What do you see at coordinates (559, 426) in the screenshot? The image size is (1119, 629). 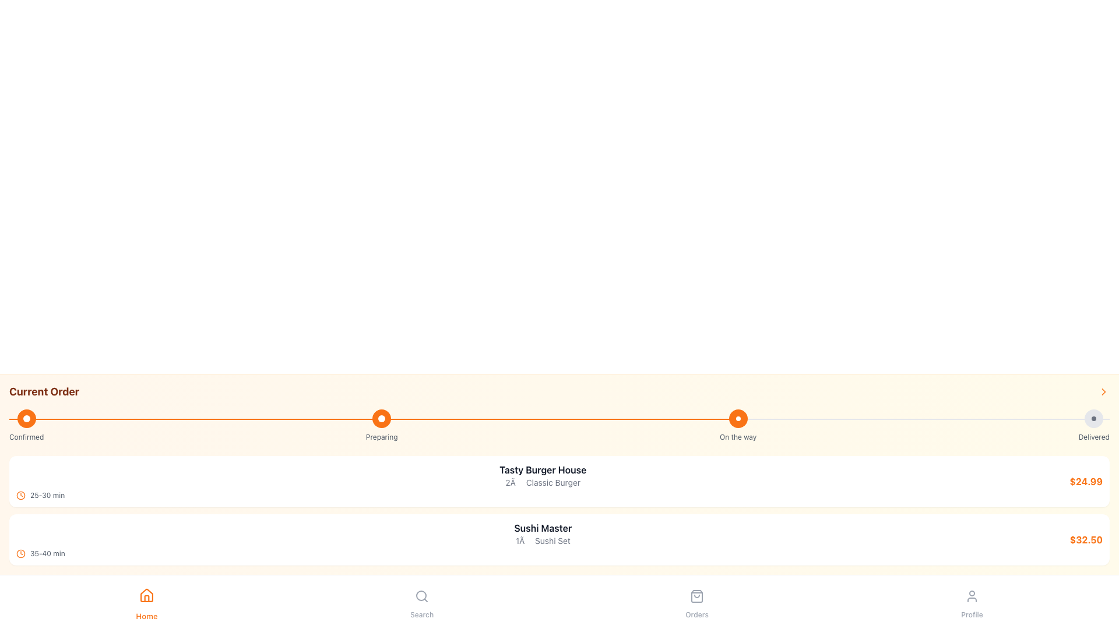 I see `the status changes visually on the horizontal progress indicator labeled 'Current Order', which shows stages: 'Confirmed', 'Preparing', 'On the way', and 'Delivered'` at bounding box center [559, 426].